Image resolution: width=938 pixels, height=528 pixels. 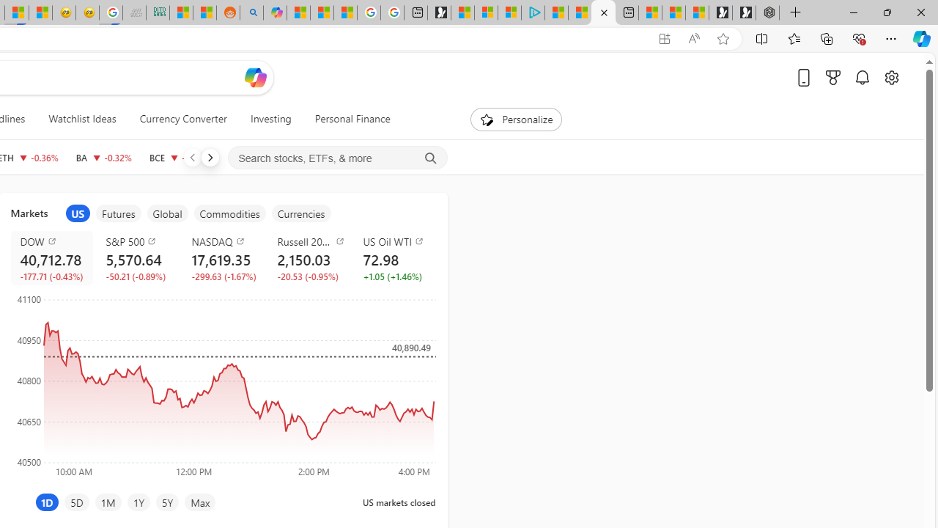 What do you see at coordinates (182, 119) in the screenshot?
I see `'Currency Converter'` at bounding box center [182, 119].